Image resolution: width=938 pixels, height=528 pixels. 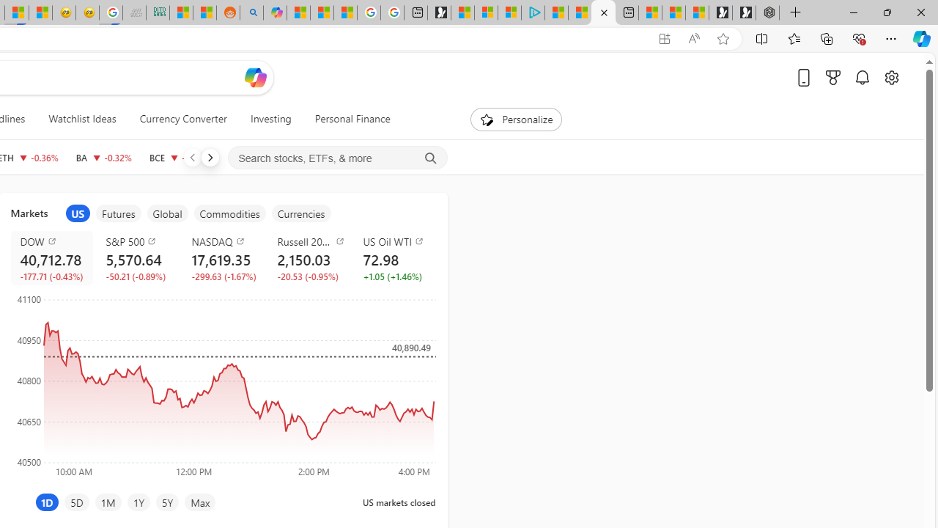 What do you see at coordinates (182, 119) in the screenshot?
I see `'Currency Converter'` at bounding box center [182, 119].